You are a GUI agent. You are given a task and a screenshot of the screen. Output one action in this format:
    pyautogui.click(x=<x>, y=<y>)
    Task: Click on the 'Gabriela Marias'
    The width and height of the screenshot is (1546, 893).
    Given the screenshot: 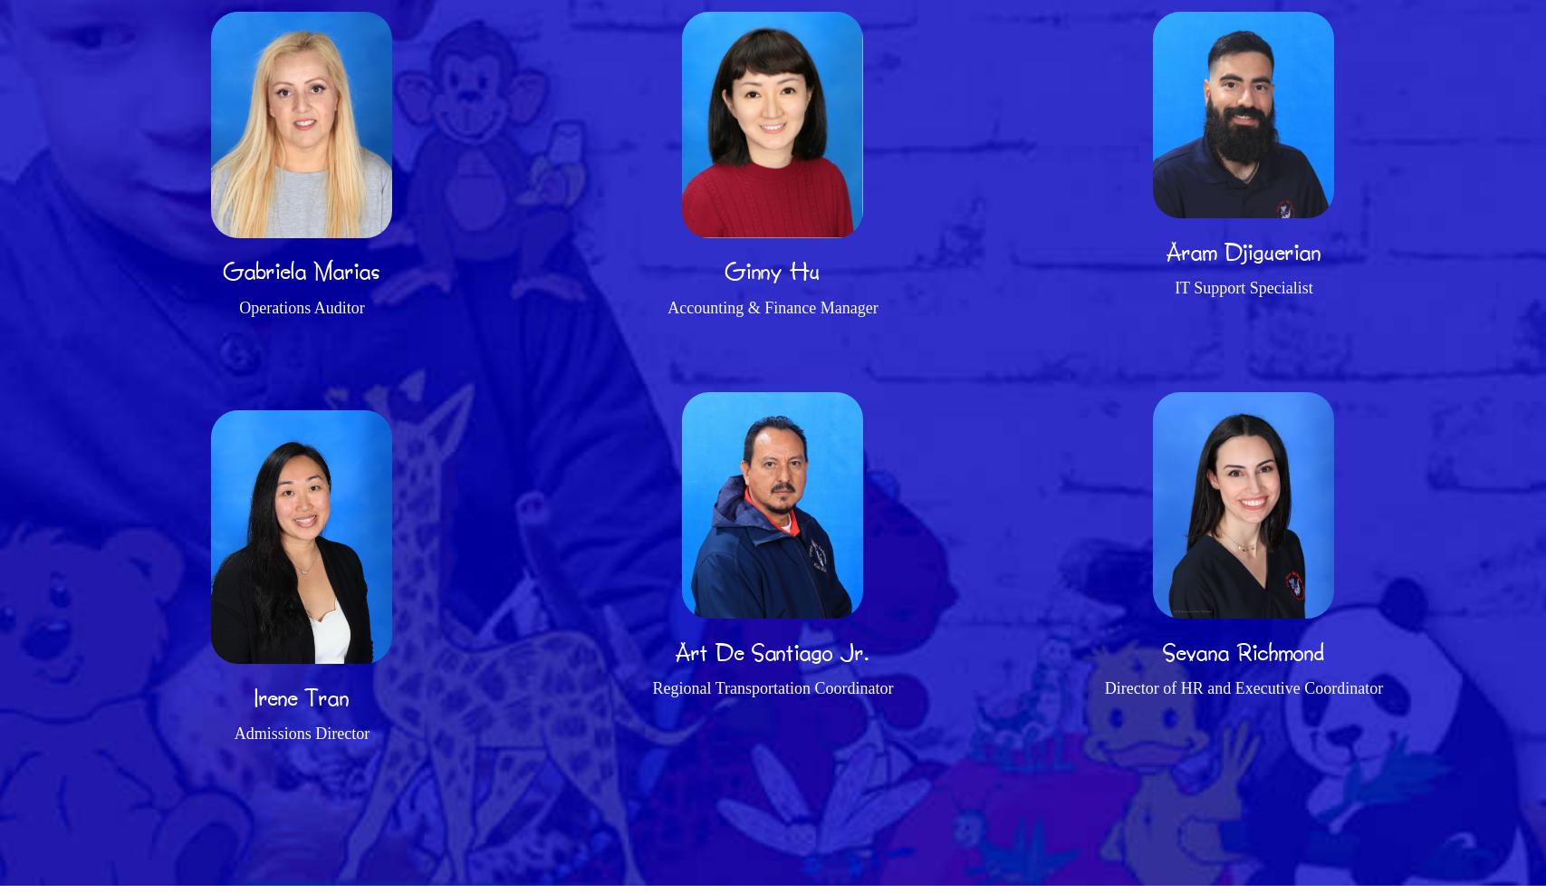 What is the action you would take?
    pyautogui.click(x=302, y=270)
    